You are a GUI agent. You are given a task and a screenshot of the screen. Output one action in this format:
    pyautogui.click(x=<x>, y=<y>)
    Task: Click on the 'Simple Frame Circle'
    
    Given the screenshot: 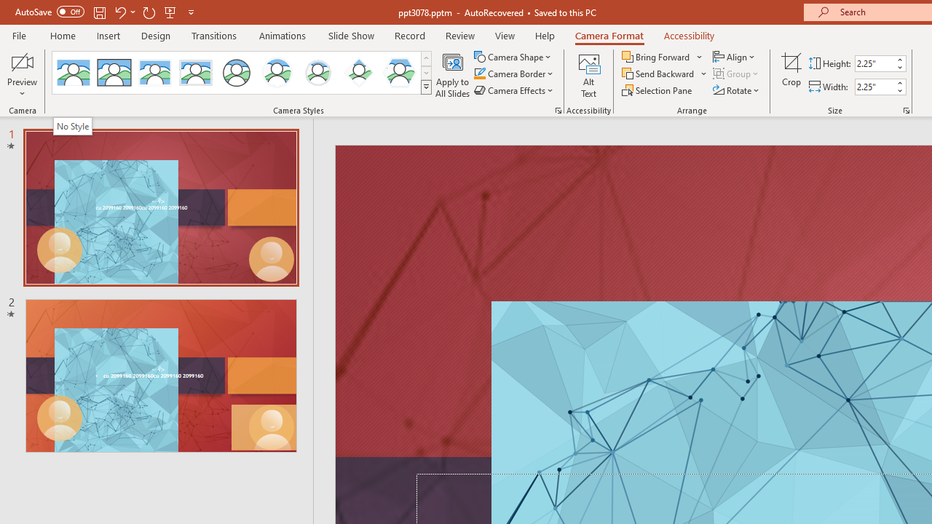 What is the action you would take?
    pyautogui.click(x=237, y=73)
    